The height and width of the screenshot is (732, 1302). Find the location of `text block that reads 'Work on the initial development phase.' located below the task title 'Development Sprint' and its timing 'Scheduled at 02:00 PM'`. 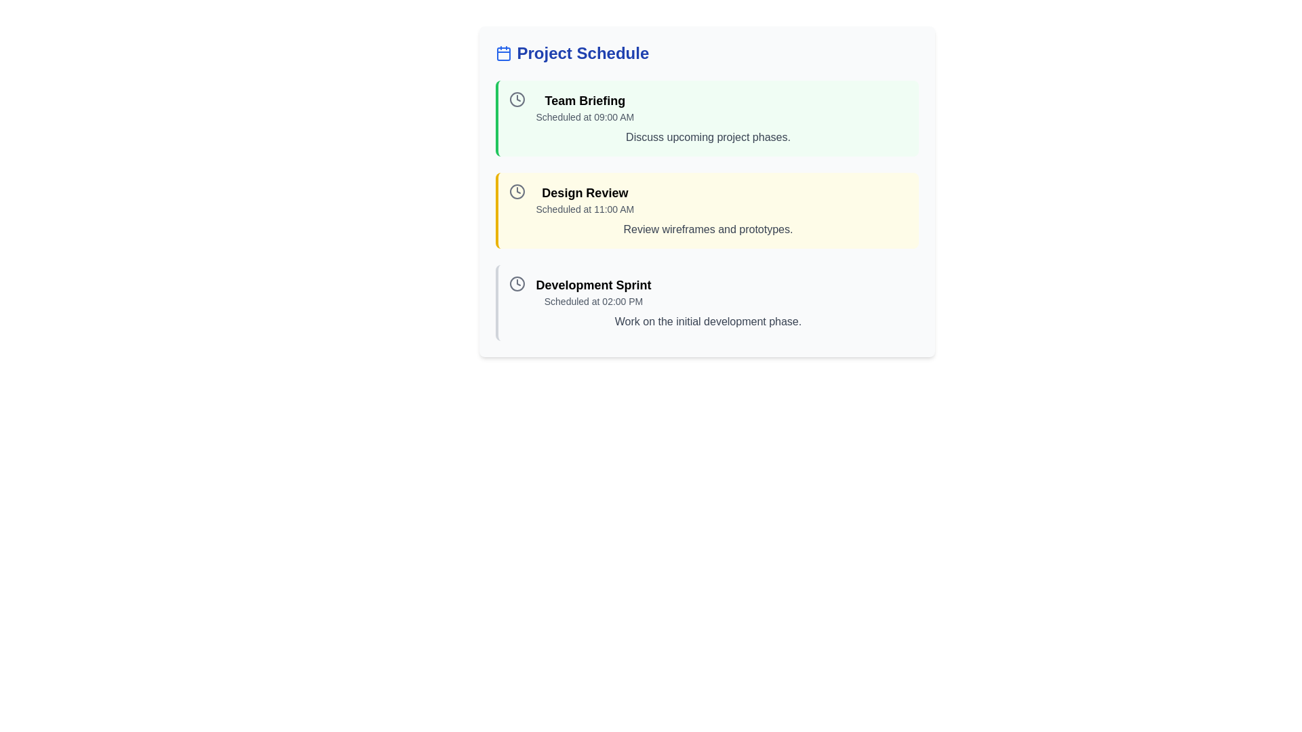

text block that reads 'Work on the initial development phase.' located below the task title 'Development Sprint' and its timing 'Scheduled at 02:00 PM' is located at coordinates (707, 321).